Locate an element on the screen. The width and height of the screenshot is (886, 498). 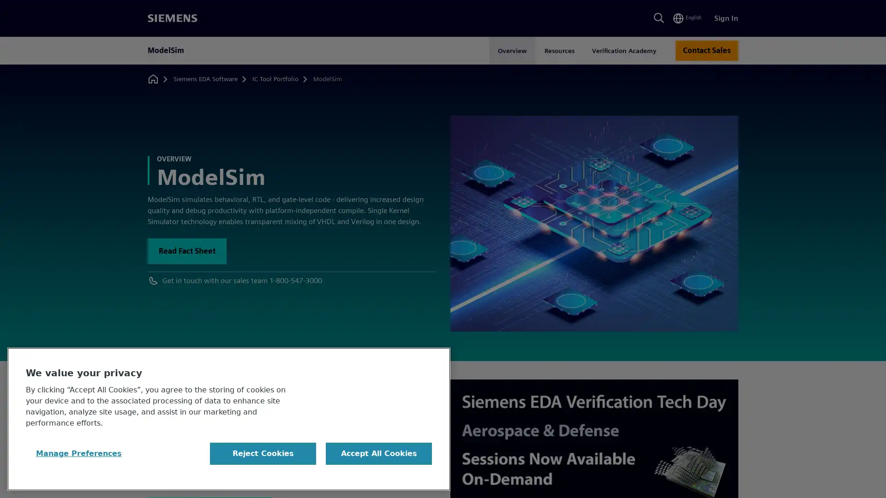
Search is located at coordinates (658, 18).